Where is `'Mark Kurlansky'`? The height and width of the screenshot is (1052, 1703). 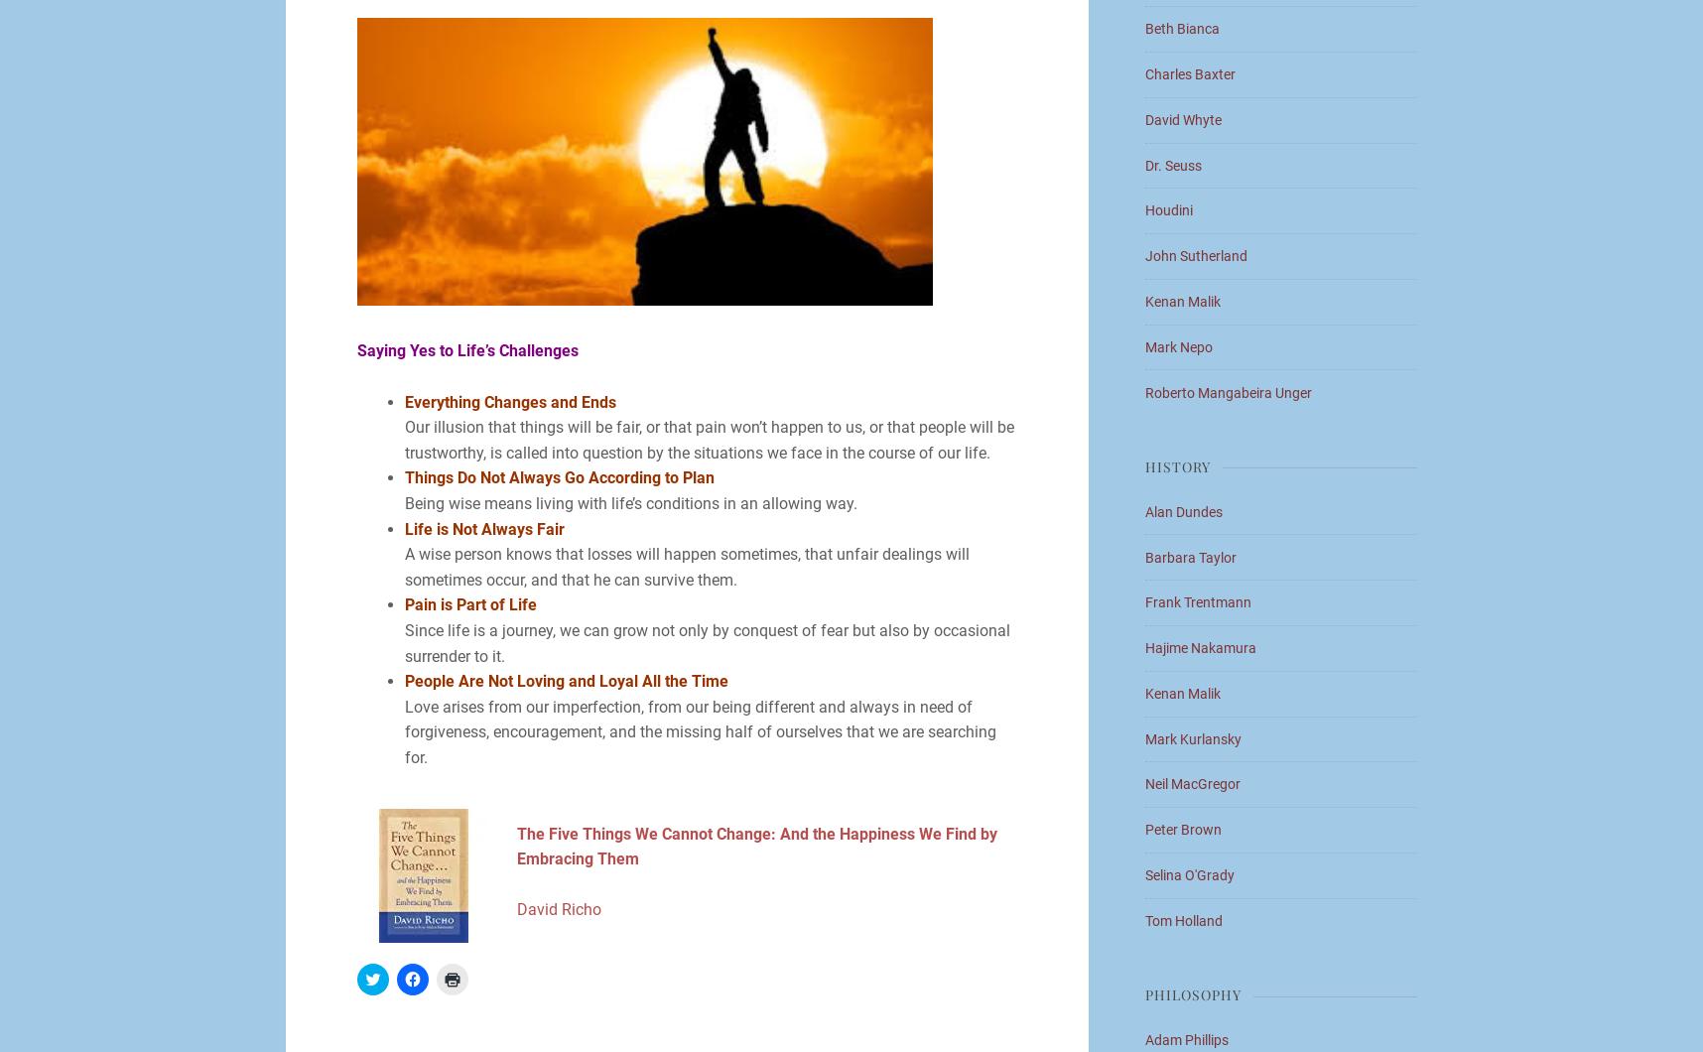 'Mark Kurlansky' is located at coordinates (1193, 737).